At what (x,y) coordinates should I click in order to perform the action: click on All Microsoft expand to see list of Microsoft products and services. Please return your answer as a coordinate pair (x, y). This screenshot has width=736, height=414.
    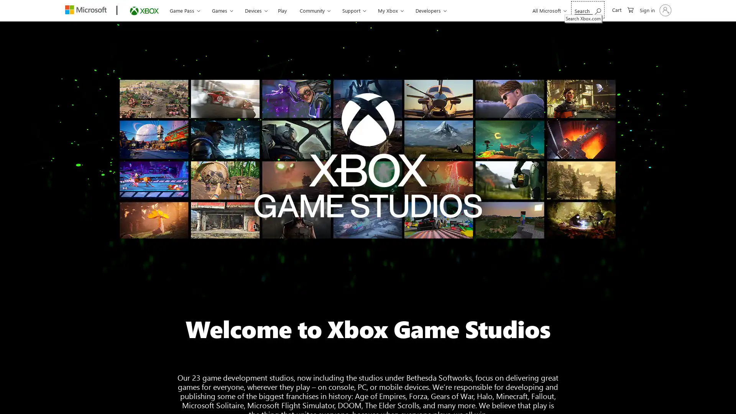
    Looking at the image, I should click on (548, 10).